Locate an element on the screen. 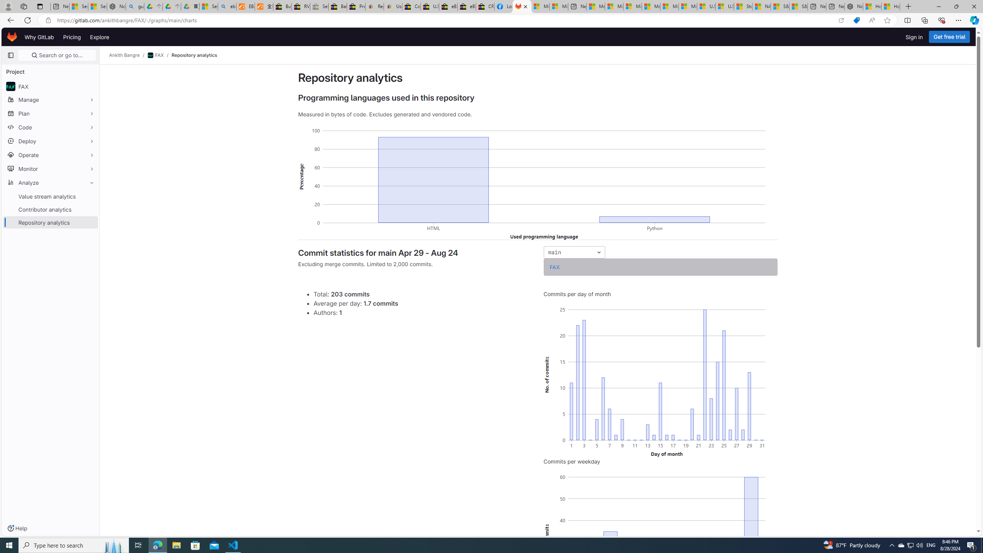 This screenshot has width=983, height=553. 'Register: Create a personal eBay account' is located at coordinates (374, 6).